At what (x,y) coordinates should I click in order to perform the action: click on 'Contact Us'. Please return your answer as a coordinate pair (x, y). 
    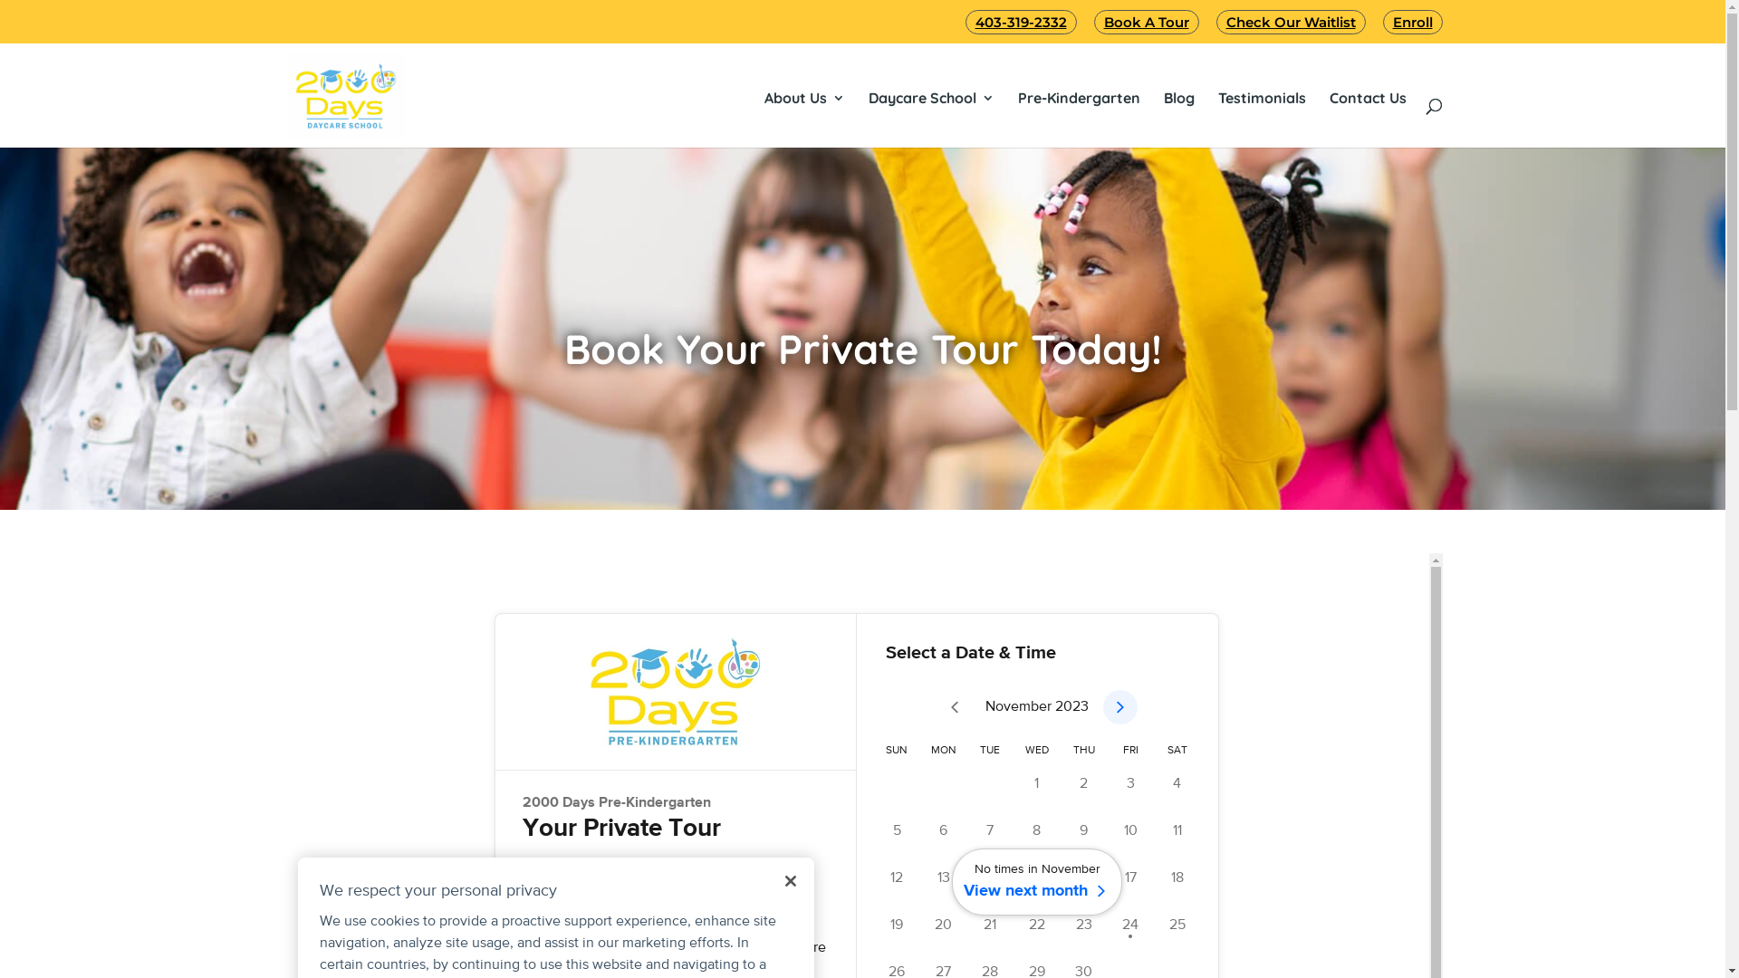
    Looking at the image, I should click on (1368, 98).